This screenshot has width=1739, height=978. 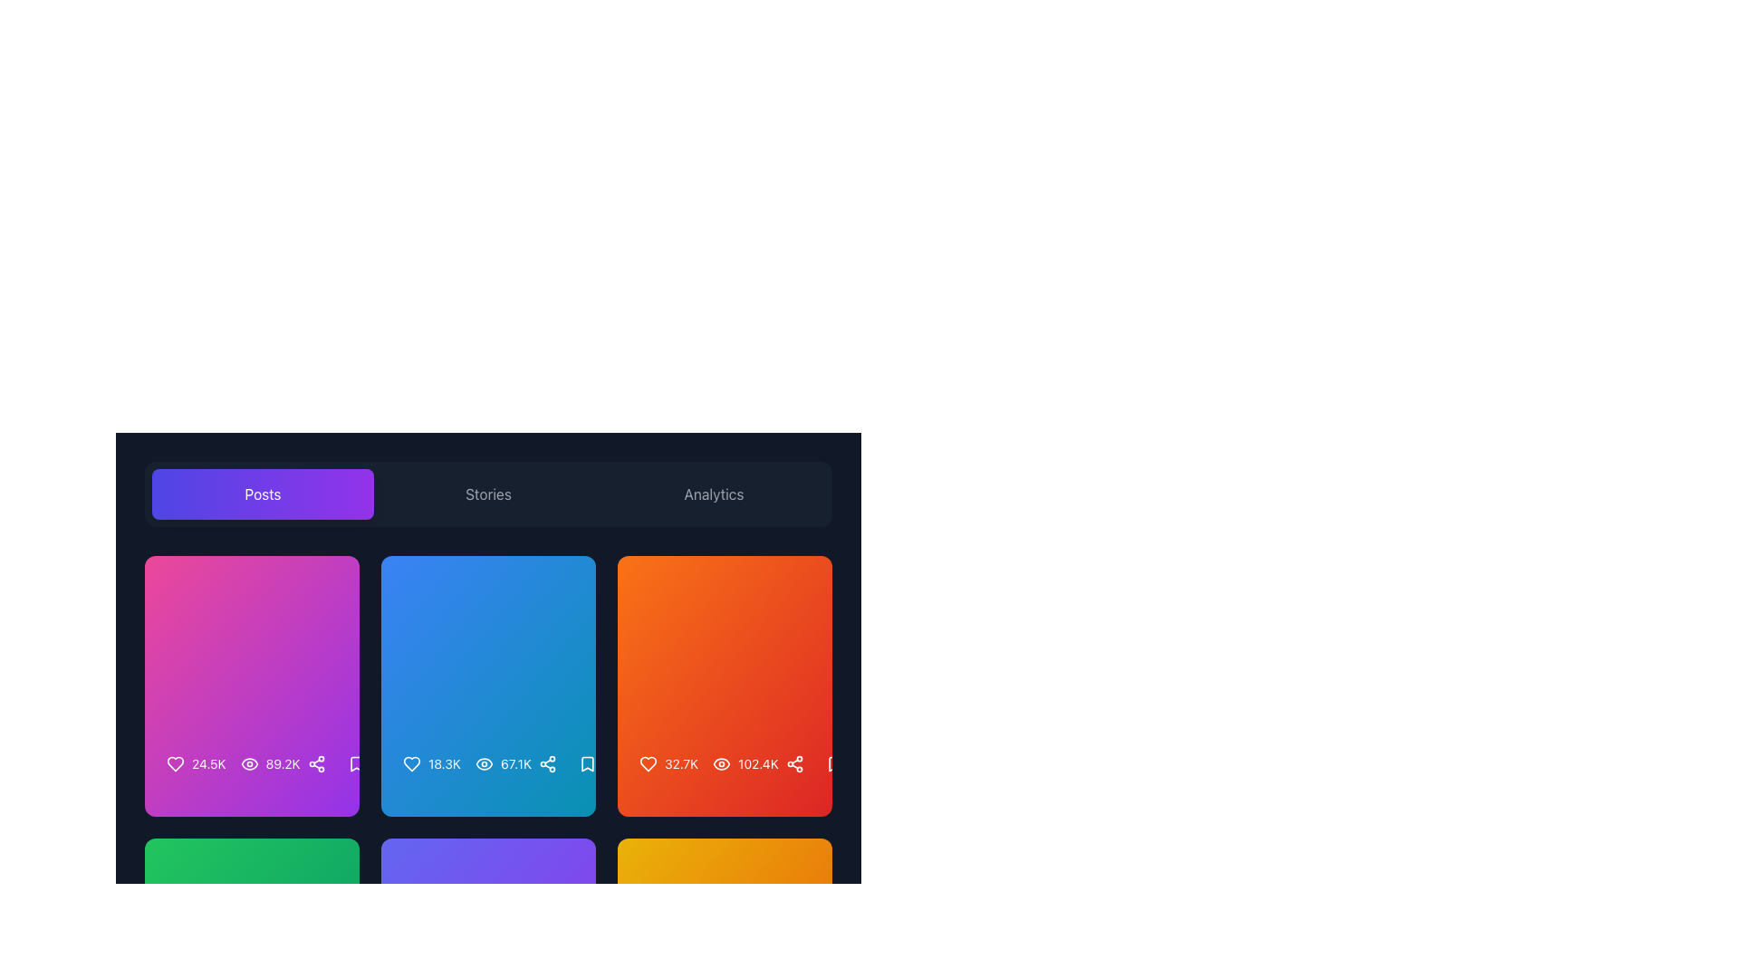 I want to click on the icons, so click(x=467, y=764).